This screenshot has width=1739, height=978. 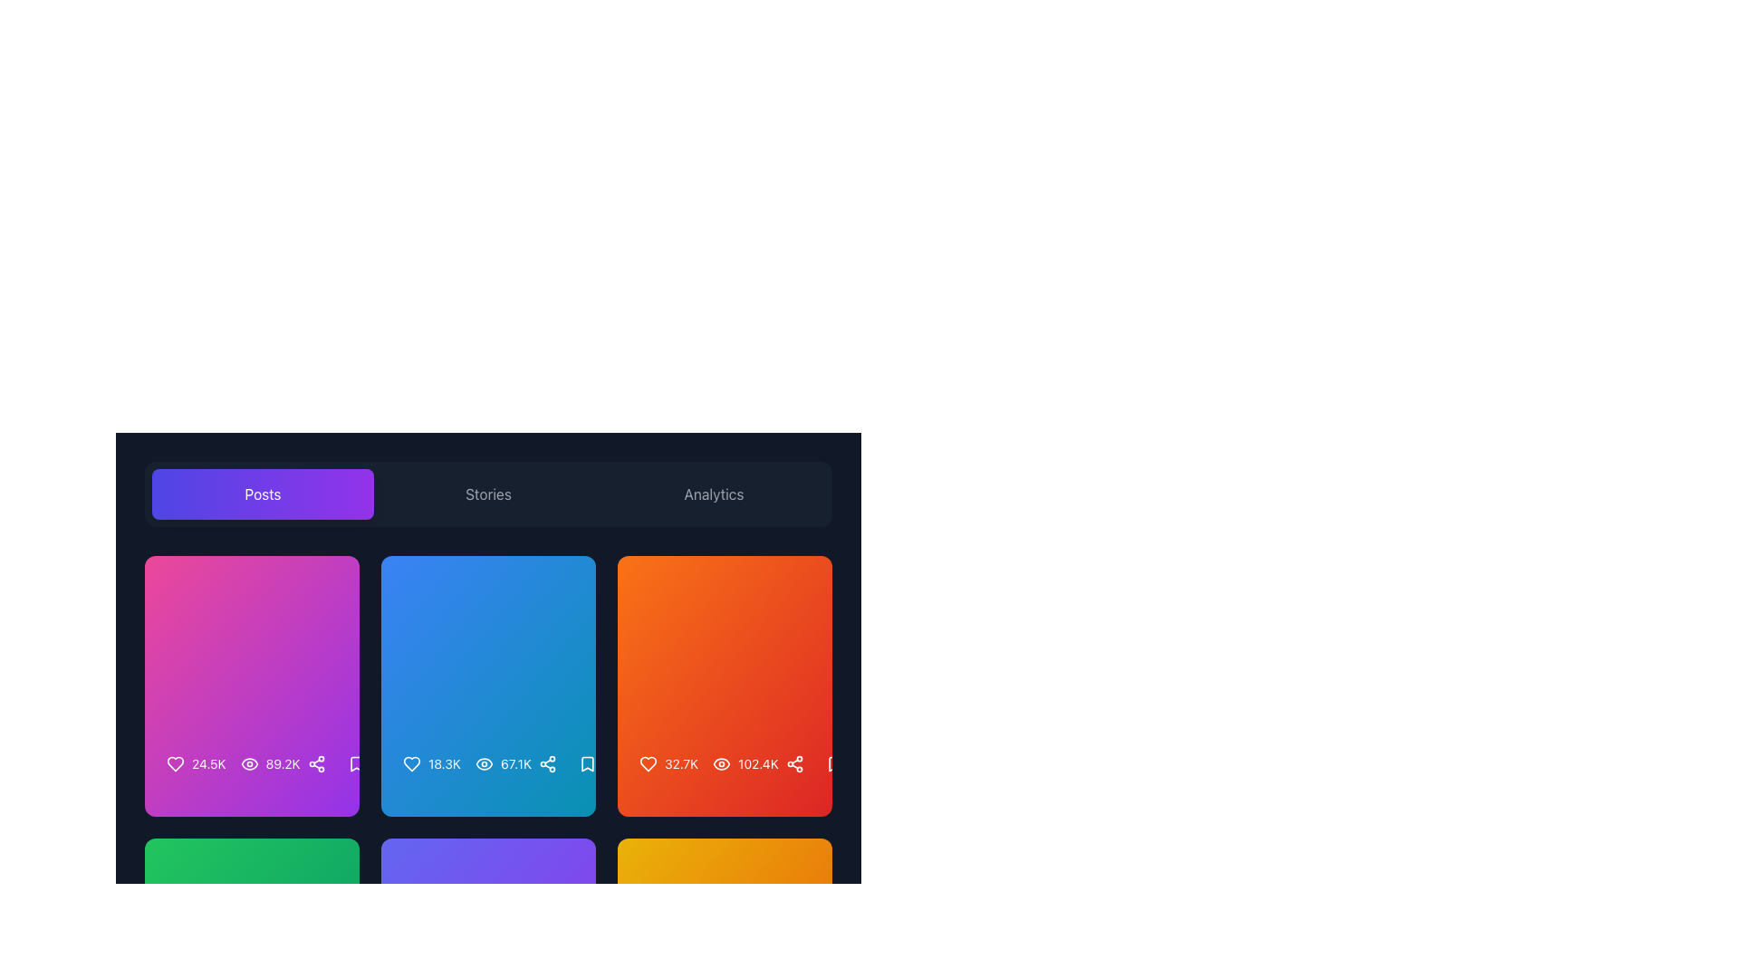 I want to click on the icons, so click(x=467, y=764).